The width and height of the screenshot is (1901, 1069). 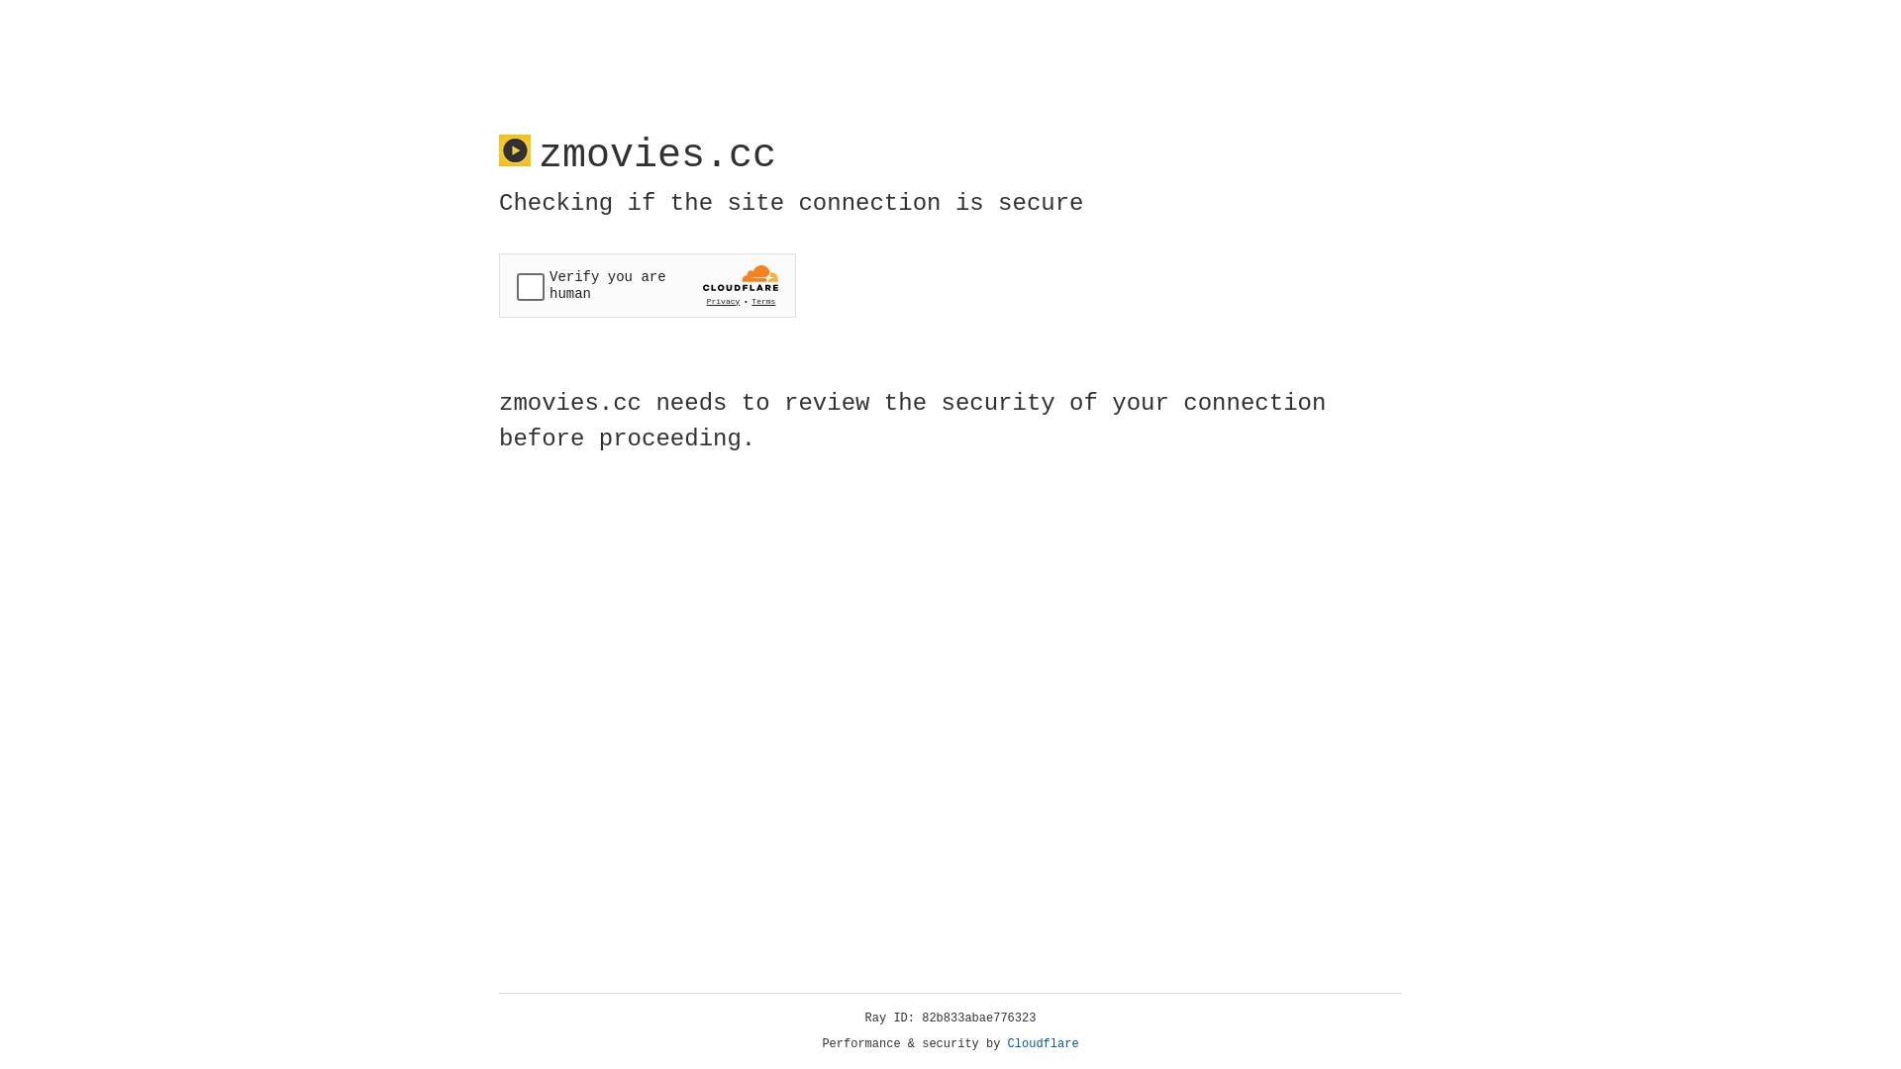 What do you see at coordinates (1043, 1043) in the screenshot?
I see `'Cloudflare'` at bounding box center [1043, 1043].